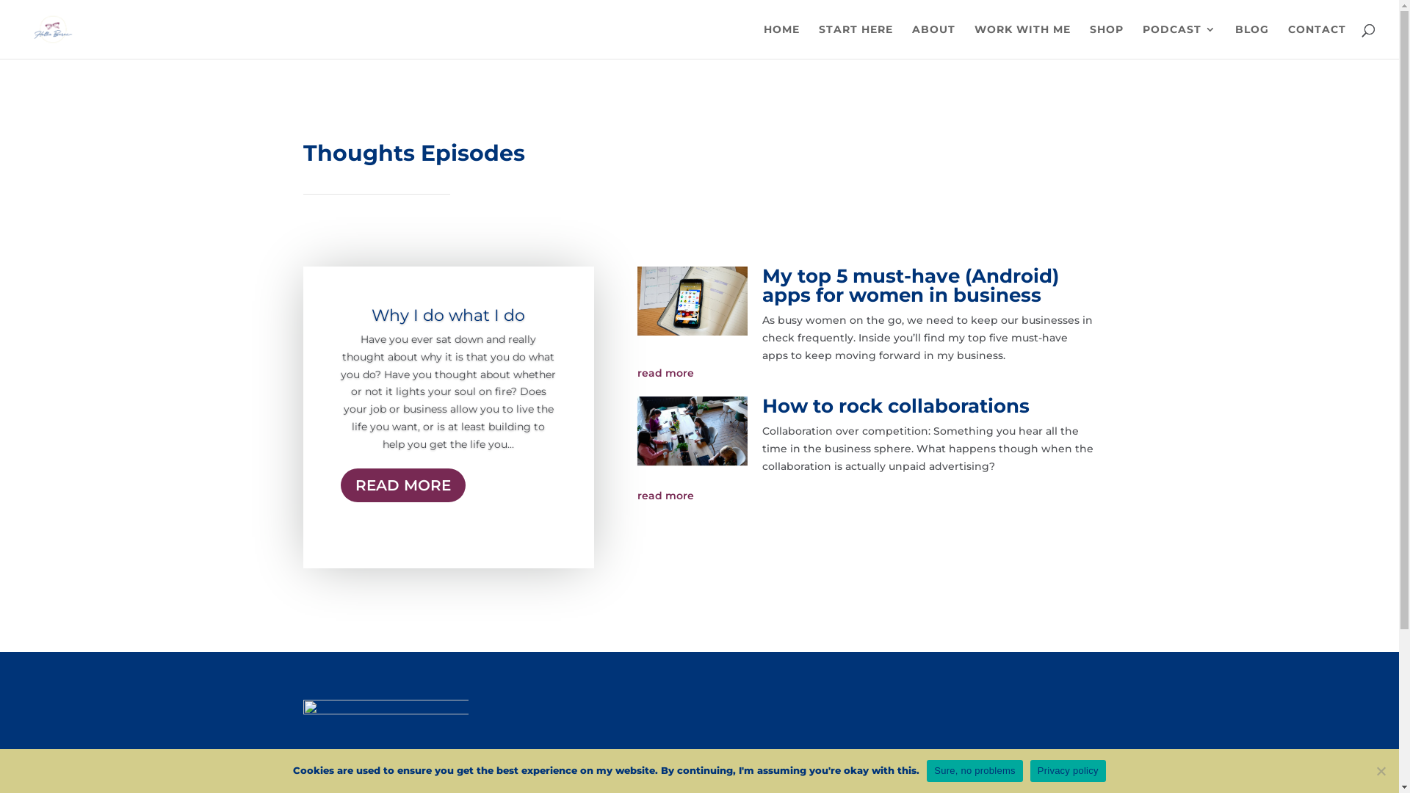 The width and height of the screenshot is (1410, 793). I want to click on 'HOME', so click(781, 40).